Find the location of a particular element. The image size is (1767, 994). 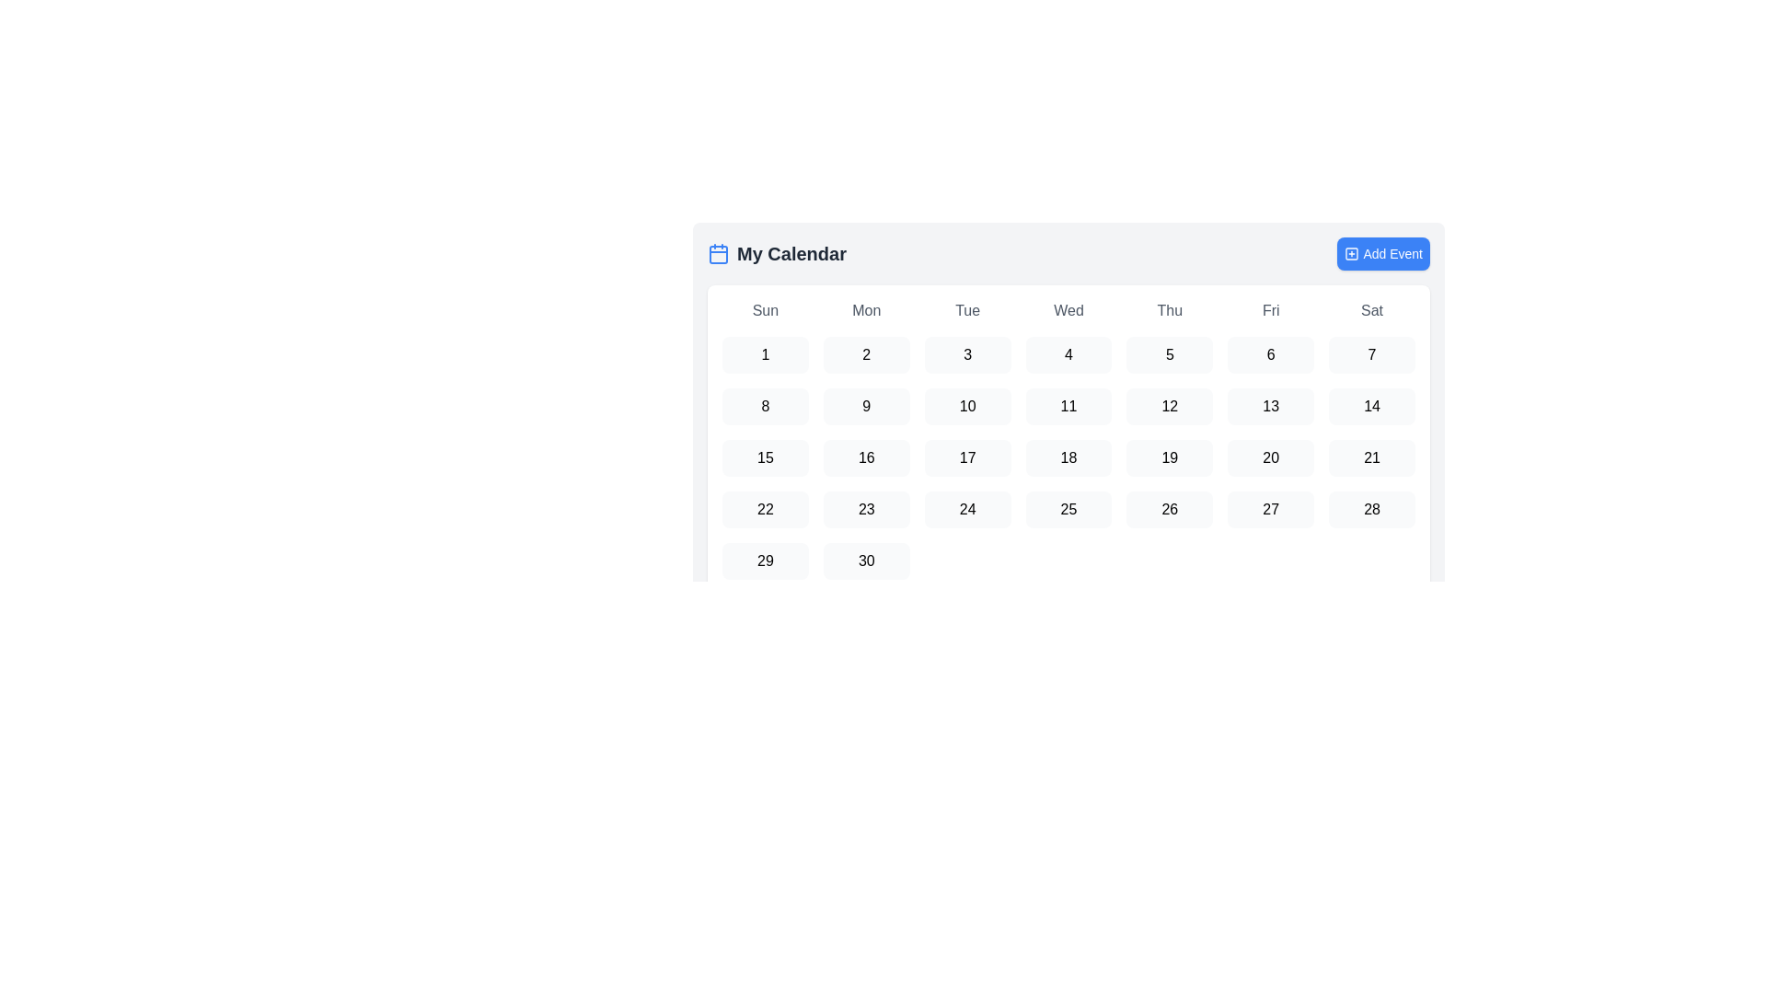

the Calendar Day Cell displaying the number '4', which is a rounded rectangle with a light gray background and changes to light blue on hover is located at coordinates (1068, 354).